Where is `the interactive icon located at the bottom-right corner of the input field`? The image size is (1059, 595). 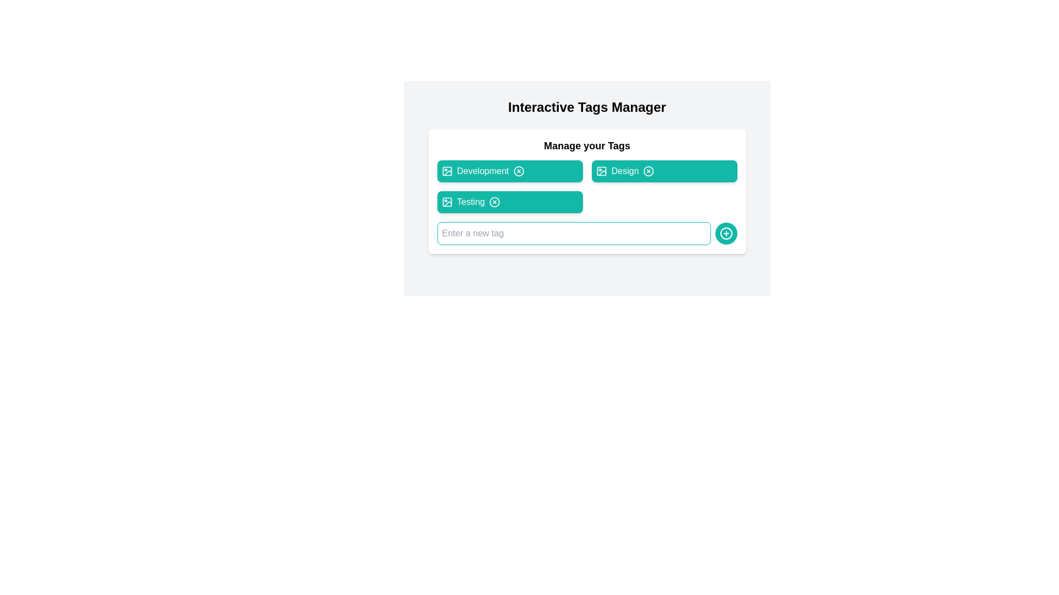 the interactive icon located at the bottom-right corner of the input field is located at coordinates (726, 233).